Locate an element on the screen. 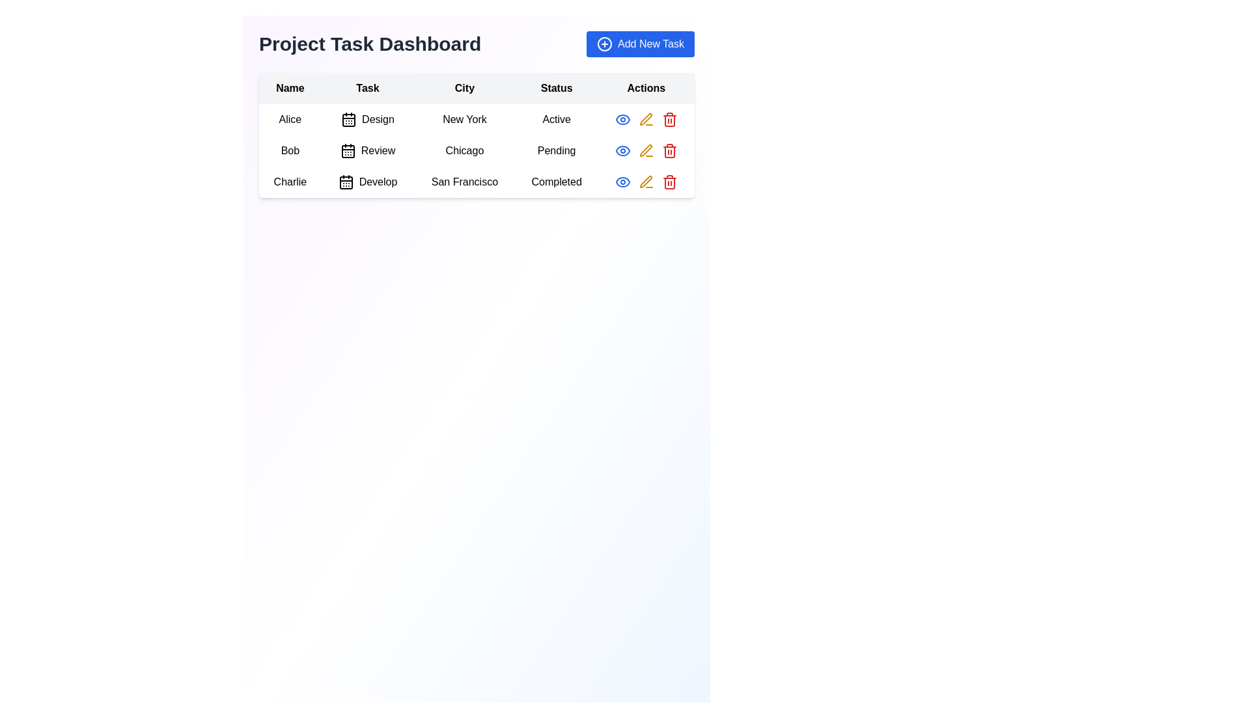 The image size is (1250, 703). the delete icon in the 'Actions' column of the second row of the table is located at coordinates (669, 150).